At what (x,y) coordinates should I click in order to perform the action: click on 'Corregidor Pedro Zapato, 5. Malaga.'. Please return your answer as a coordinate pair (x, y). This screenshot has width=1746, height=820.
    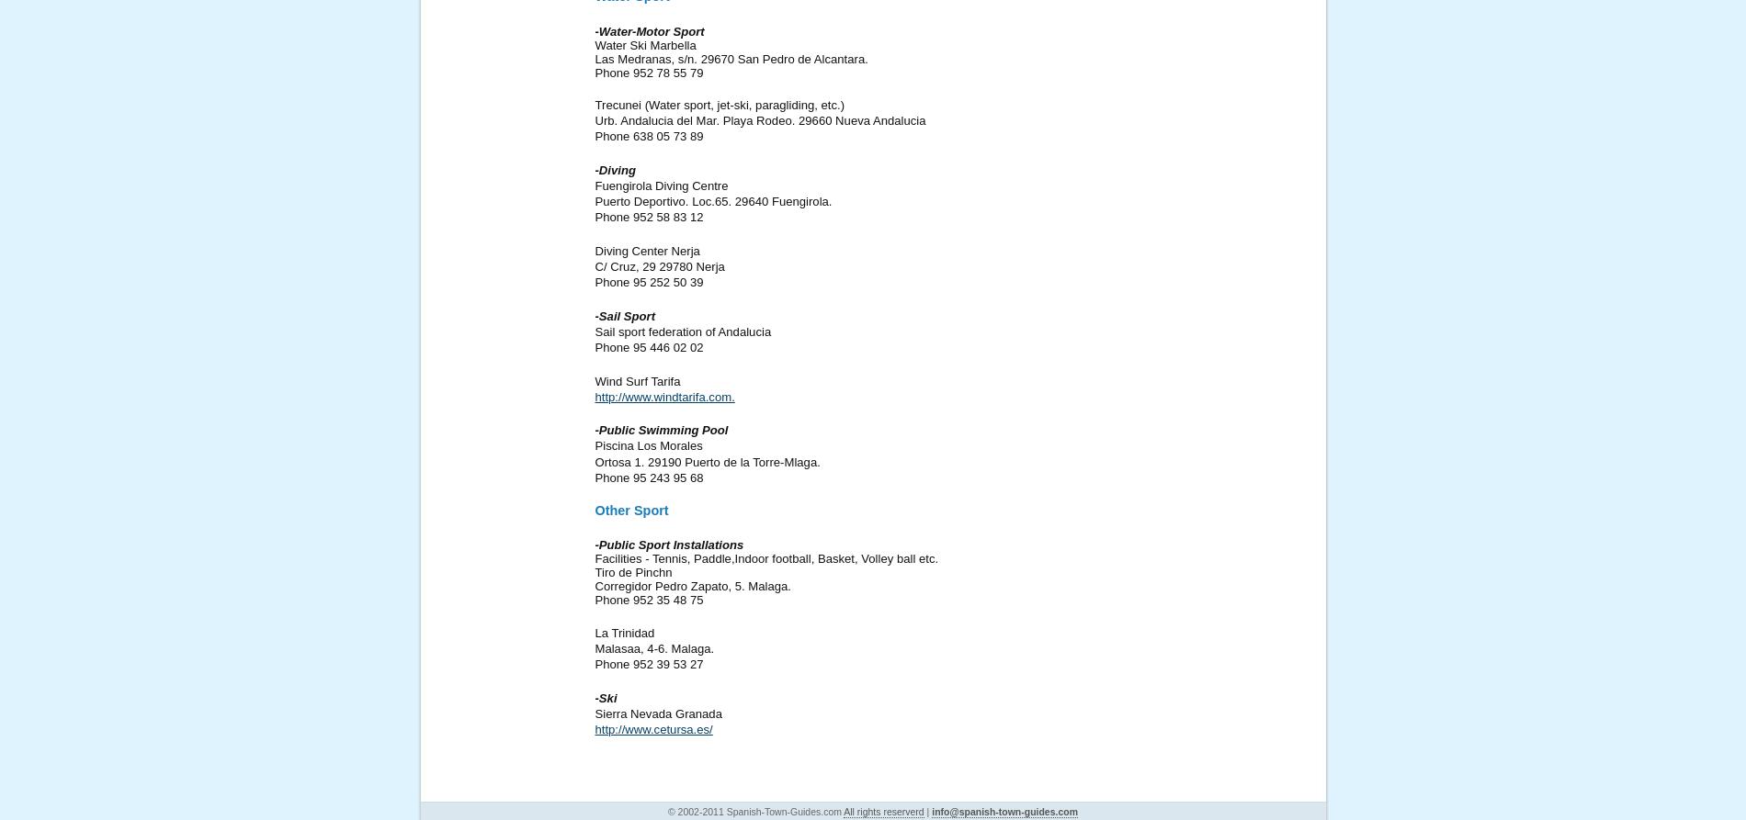
    Looking at the image, I should click on (691, 586).